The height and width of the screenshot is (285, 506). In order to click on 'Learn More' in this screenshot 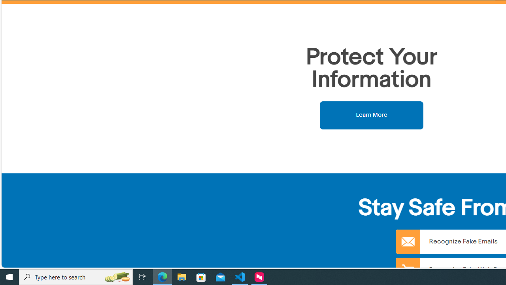, I will do `click(371, 115)`.